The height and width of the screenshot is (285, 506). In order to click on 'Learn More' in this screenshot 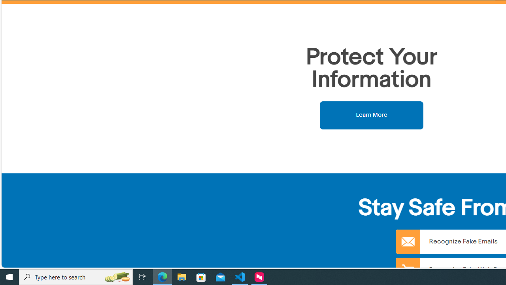, I will do `click(371, 115)`.